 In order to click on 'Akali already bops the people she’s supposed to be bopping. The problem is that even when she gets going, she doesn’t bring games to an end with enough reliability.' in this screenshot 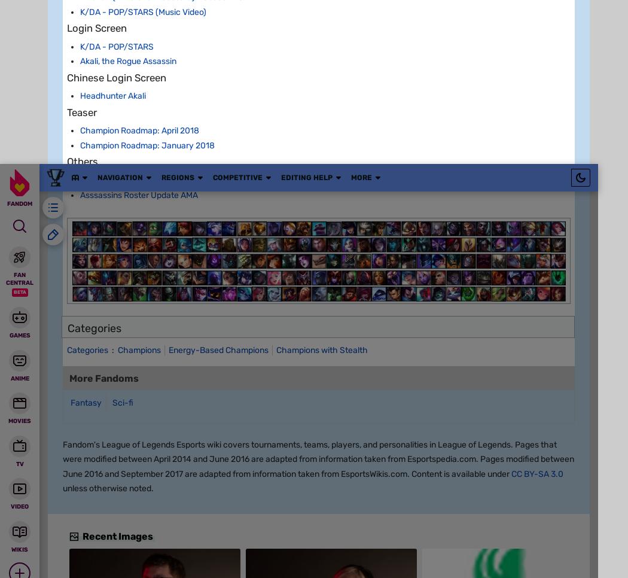, I will do `click(317, 519)`.